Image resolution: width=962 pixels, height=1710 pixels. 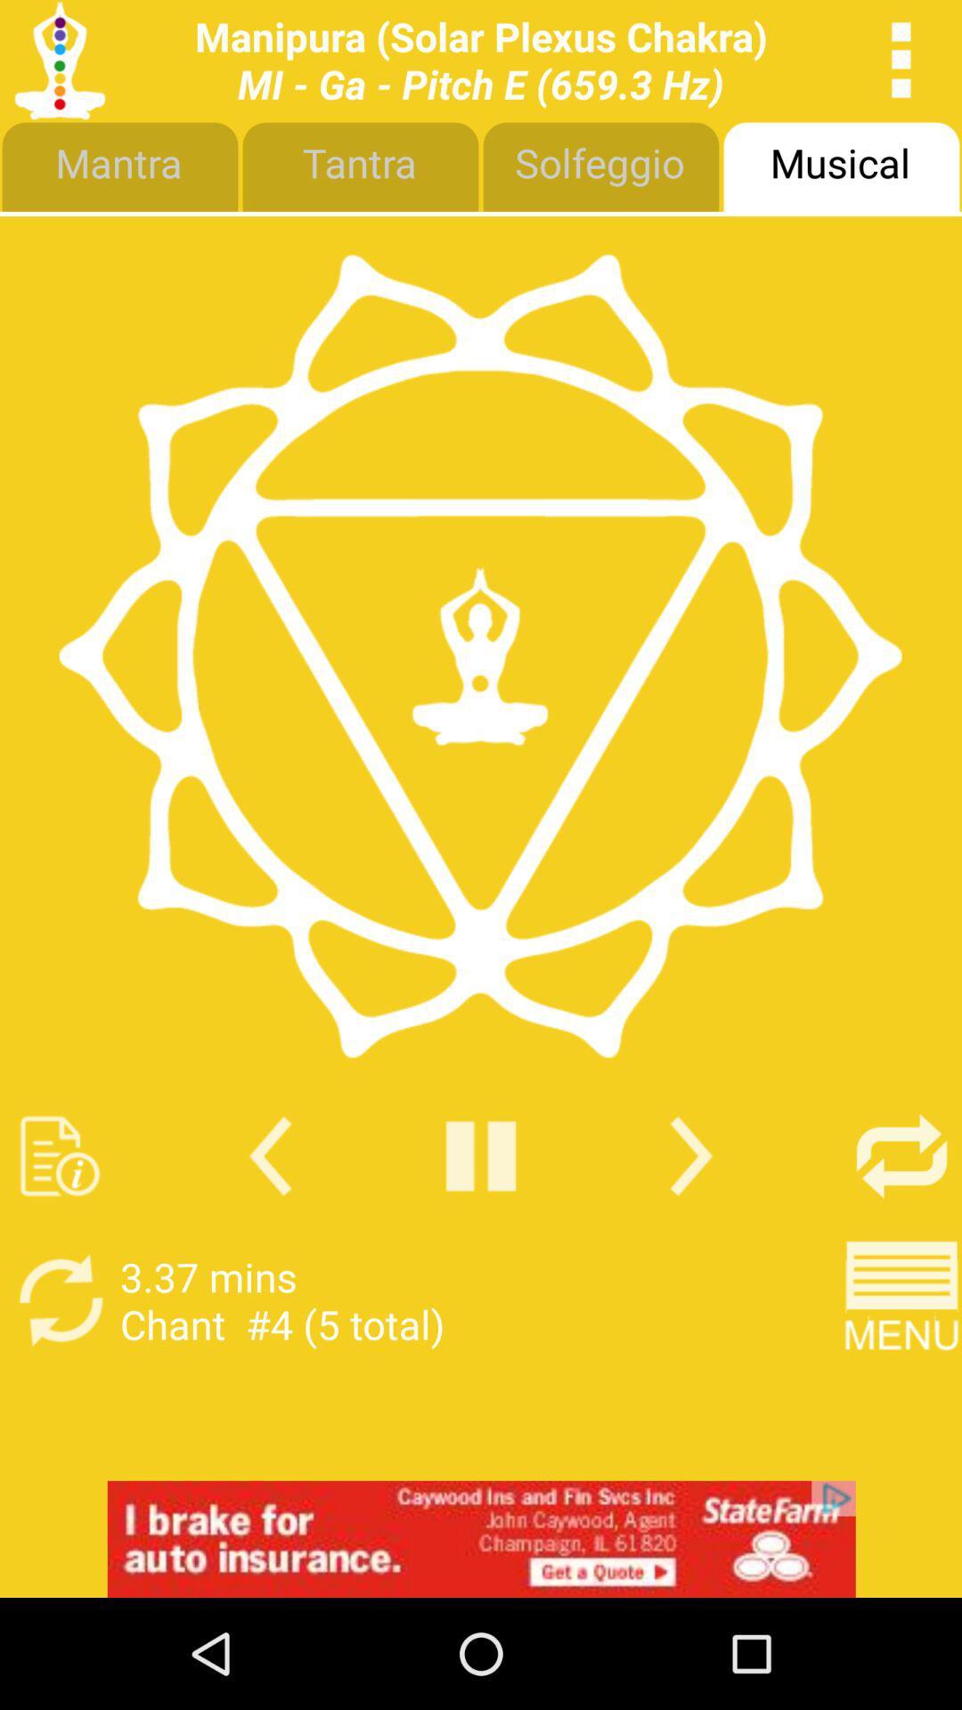 What do you see at coordinates (901, 1300) in the screenshot?
I see `menu button` at bounding box center [901, 1300].